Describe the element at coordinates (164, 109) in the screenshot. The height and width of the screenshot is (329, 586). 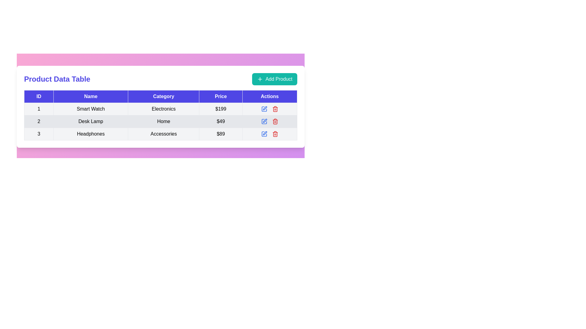
I see `the table cell displaying 'Electronics' in the 'Category' column of the first row` at that location.